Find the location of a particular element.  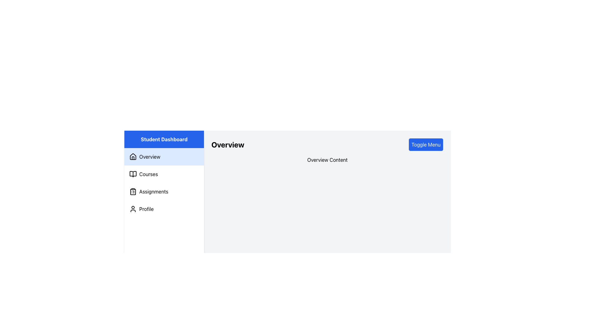

the 'Overview' selectable menu item in the Student Dashboard is located at coordinates (164, 156).